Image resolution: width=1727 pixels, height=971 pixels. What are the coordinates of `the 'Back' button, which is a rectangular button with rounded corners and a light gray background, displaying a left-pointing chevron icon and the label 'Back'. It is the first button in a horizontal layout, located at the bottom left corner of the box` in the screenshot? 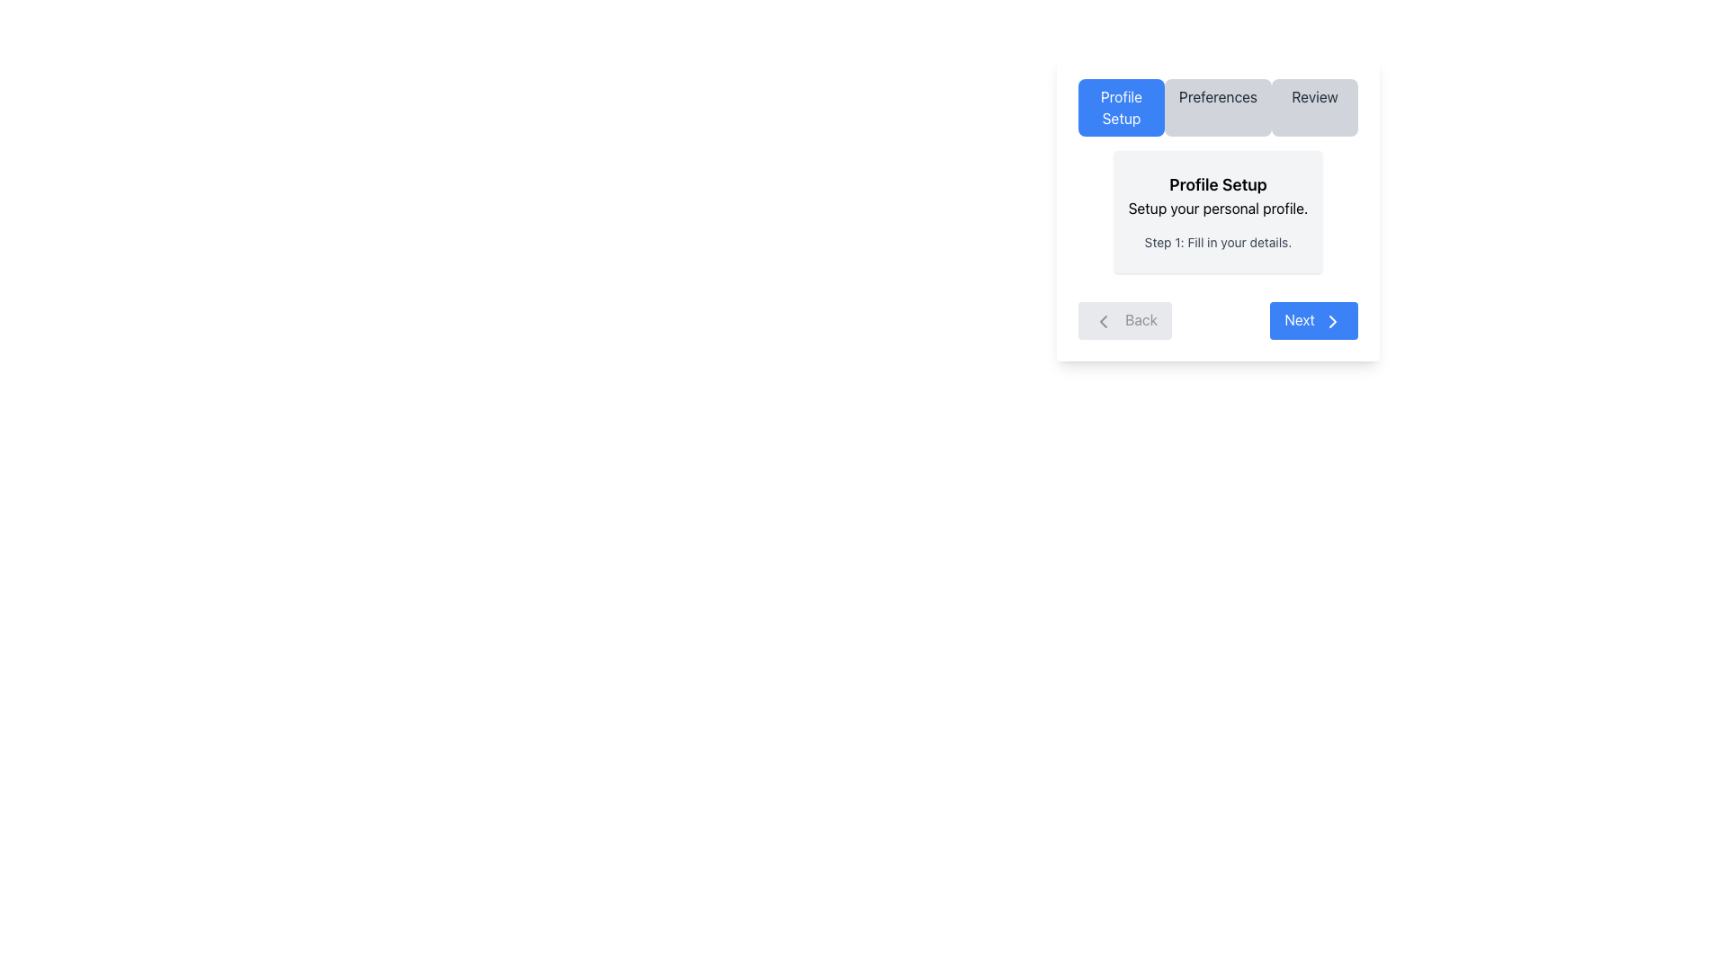 It's located at (1123, 319).